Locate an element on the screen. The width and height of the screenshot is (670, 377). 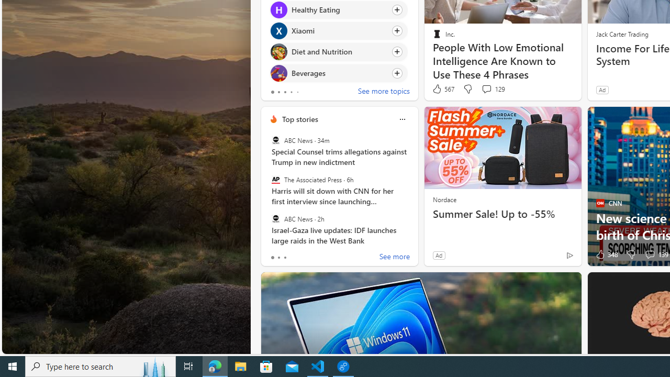
'348 Like' is located at coordinates (606, 254).